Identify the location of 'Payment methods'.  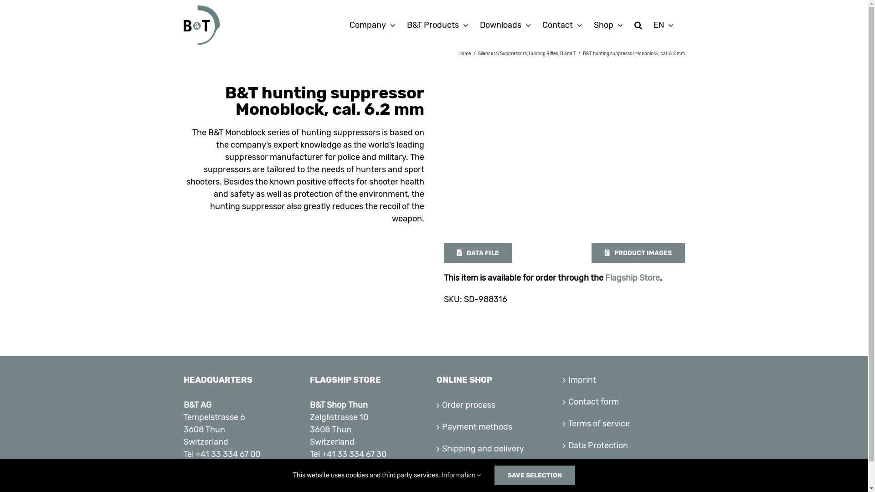
(442, 427).